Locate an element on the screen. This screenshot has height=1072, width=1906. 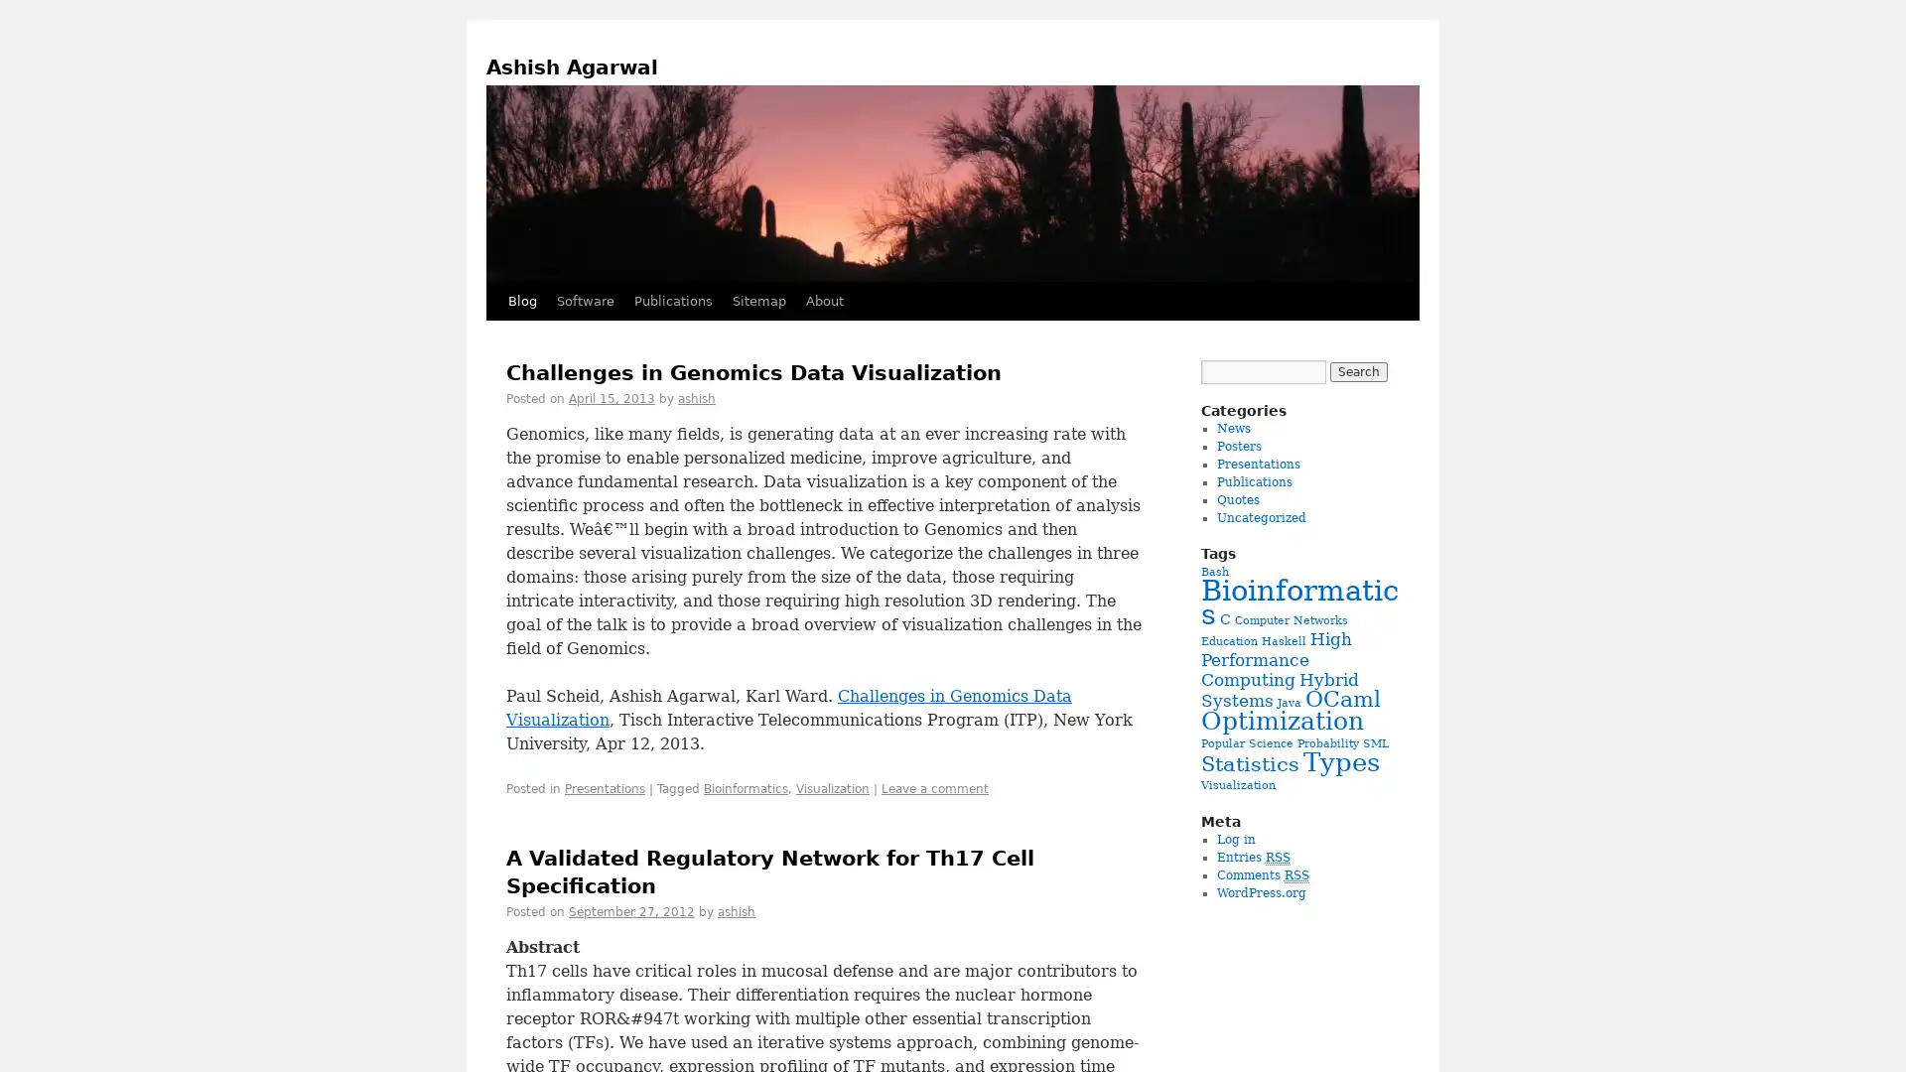
Search is located at coordinates (1357, 371).